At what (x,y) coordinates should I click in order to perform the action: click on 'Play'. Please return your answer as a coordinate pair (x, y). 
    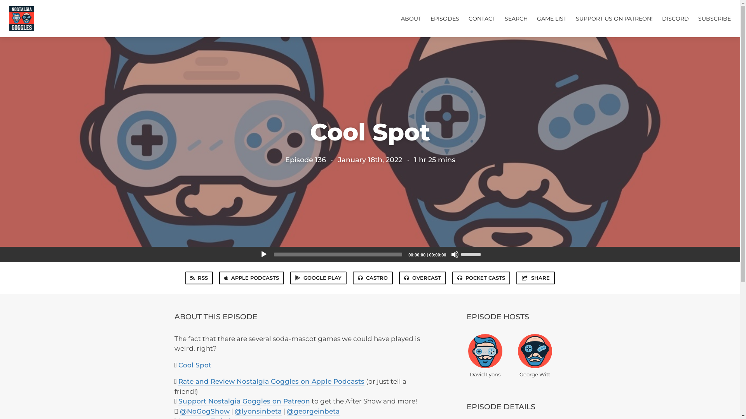
    Looking at the image, I should click on (259, 254).